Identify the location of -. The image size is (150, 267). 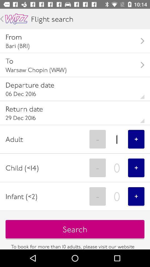
(97, 139).